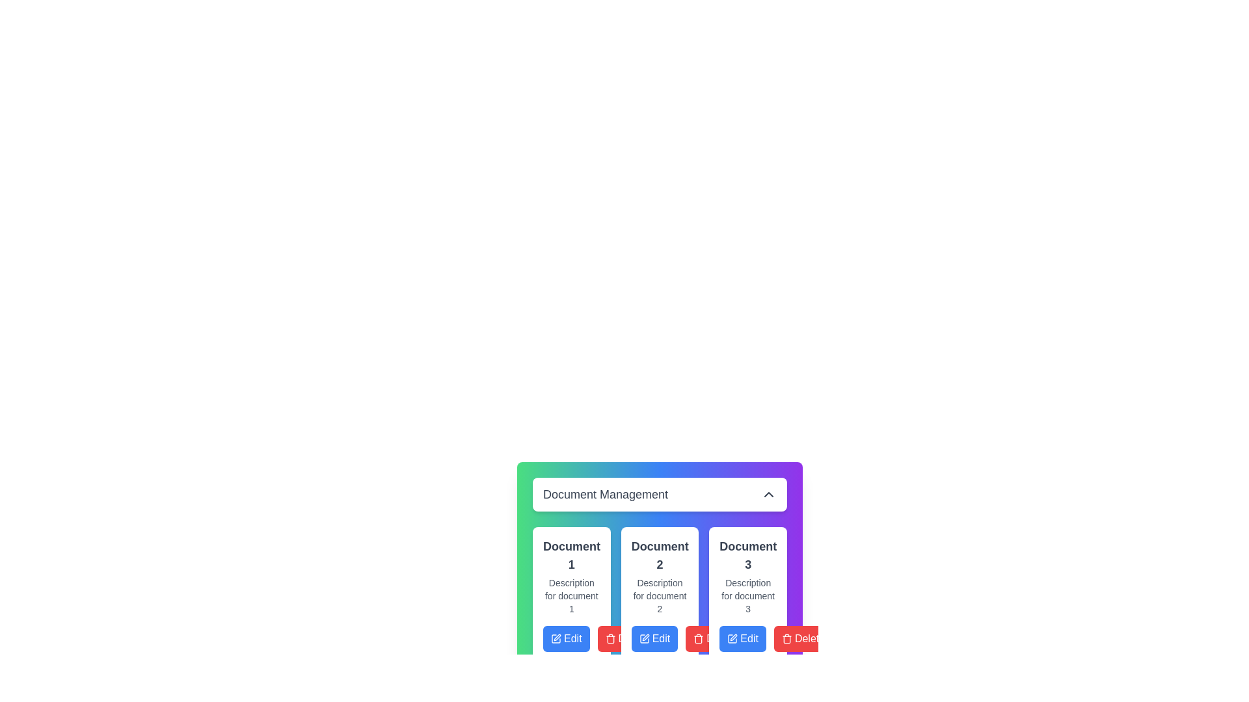  I want to click on the 'Document Management' button to toggle the menu visibility, so click(660, 494).